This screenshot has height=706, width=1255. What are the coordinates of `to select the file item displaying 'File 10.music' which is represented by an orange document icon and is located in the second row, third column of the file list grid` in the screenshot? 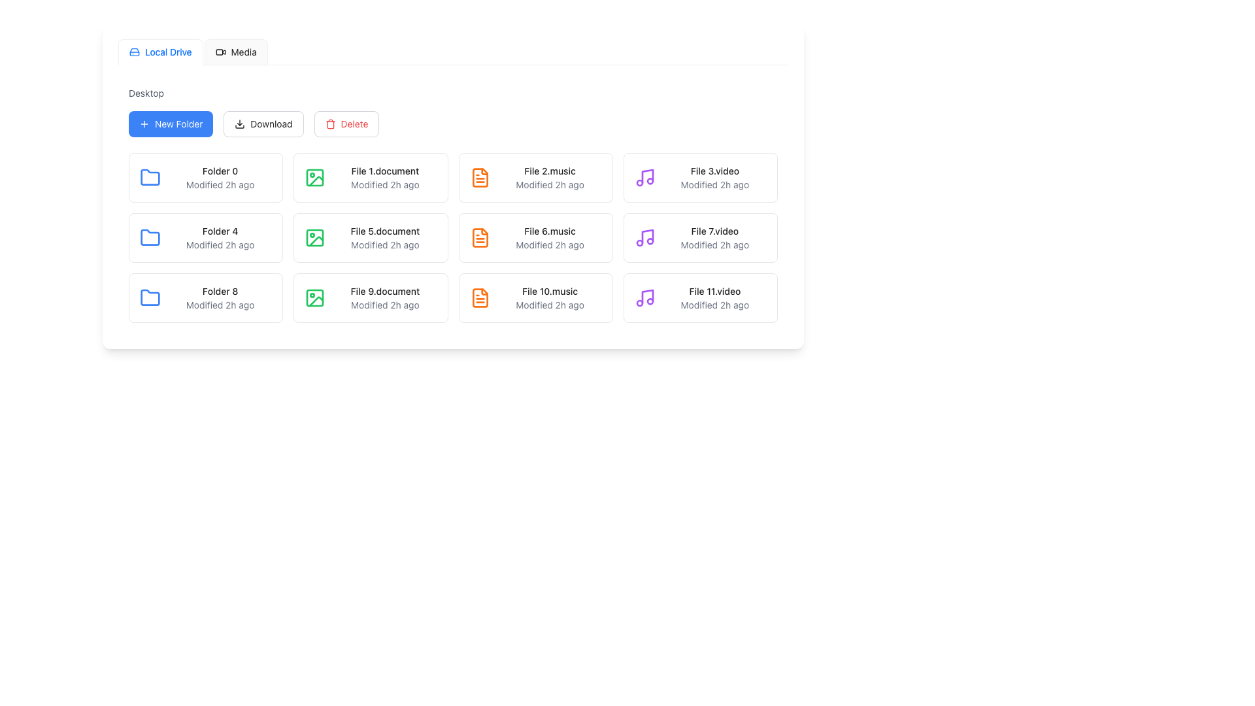 It's located at (535, 297).